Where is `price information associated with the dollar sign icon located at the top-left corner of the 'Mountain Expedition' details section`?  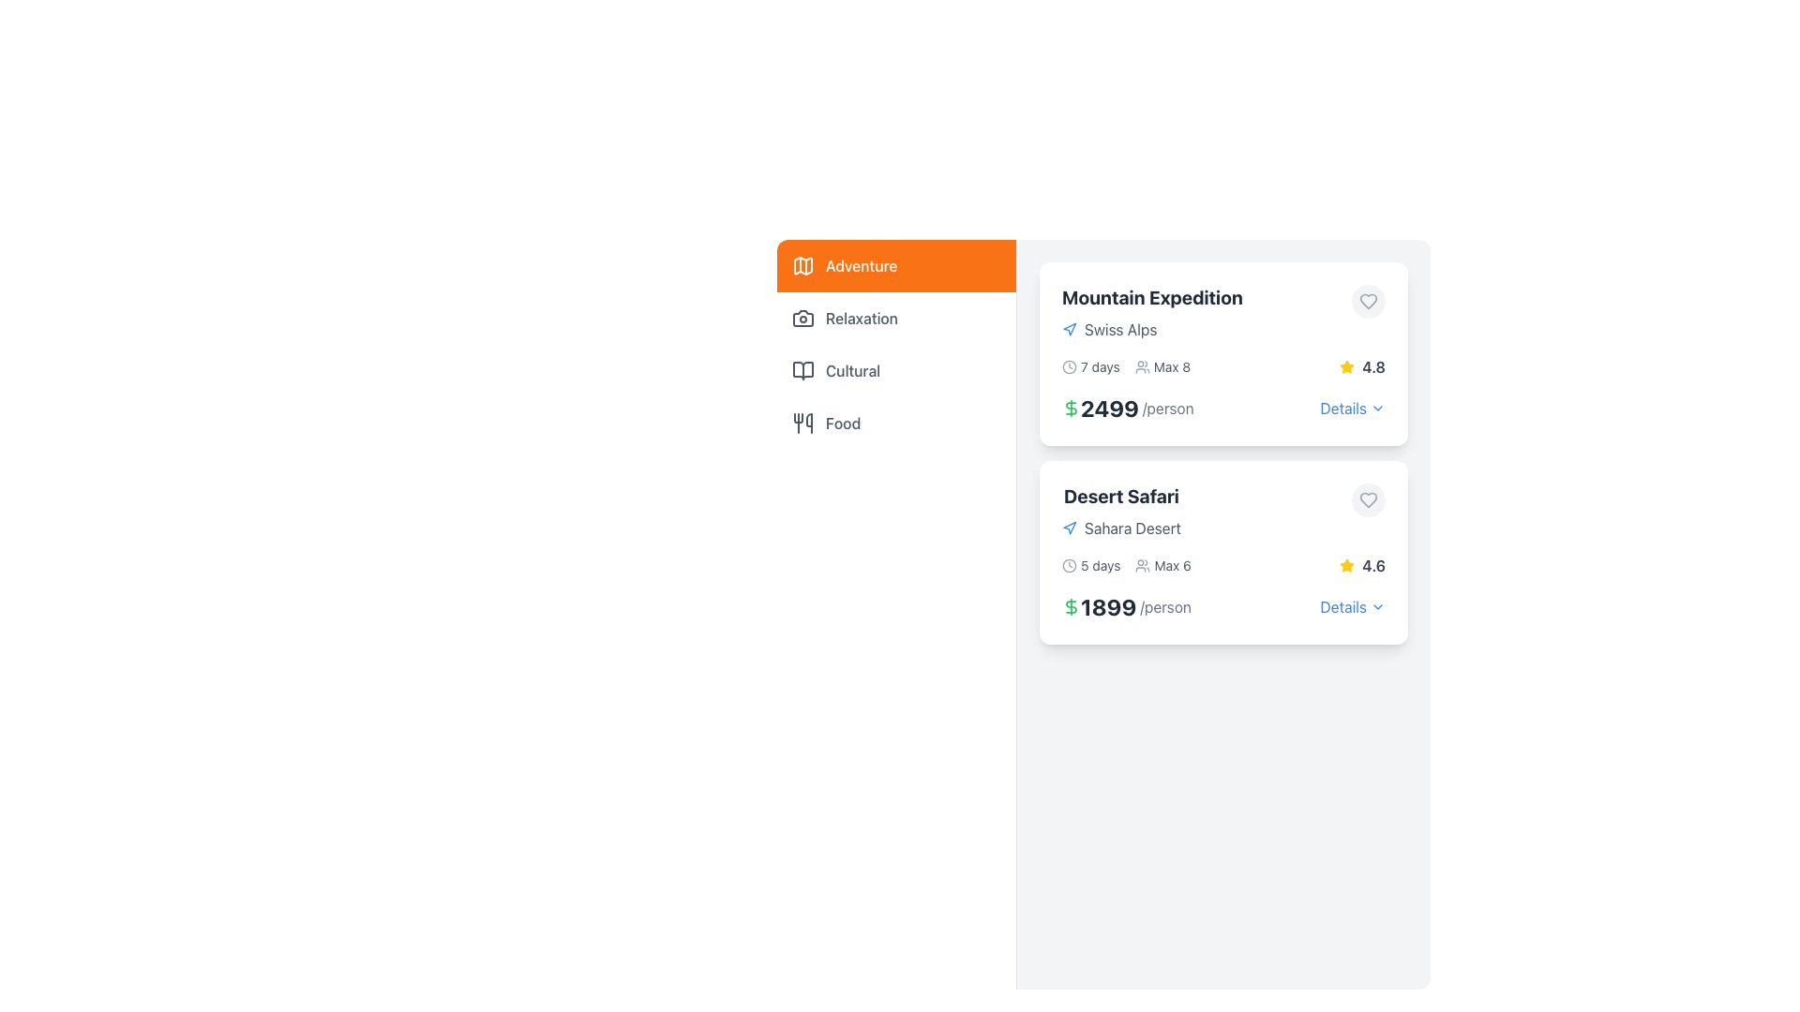 price information associated with the dollar sign icon located at the top-left corner of the 'Mountain Expedition' details section is located at coordinates (1071, 407).